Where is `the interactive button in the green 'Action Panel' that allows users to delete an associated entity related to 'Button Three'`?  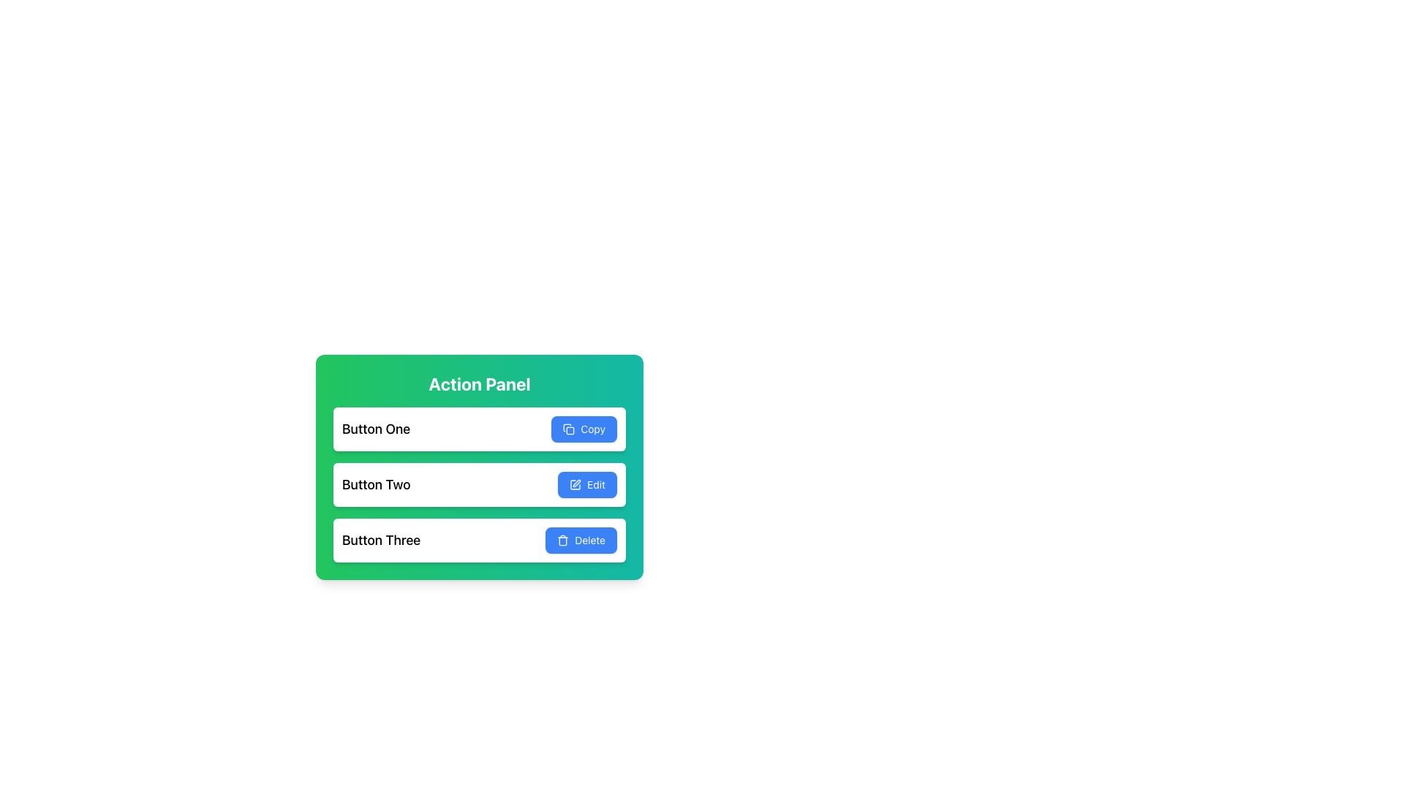 the interactive button in the green 'Action Panel' that allows users to delete an associated entity related to 'Button Three' is located at coordinates (480, 541).